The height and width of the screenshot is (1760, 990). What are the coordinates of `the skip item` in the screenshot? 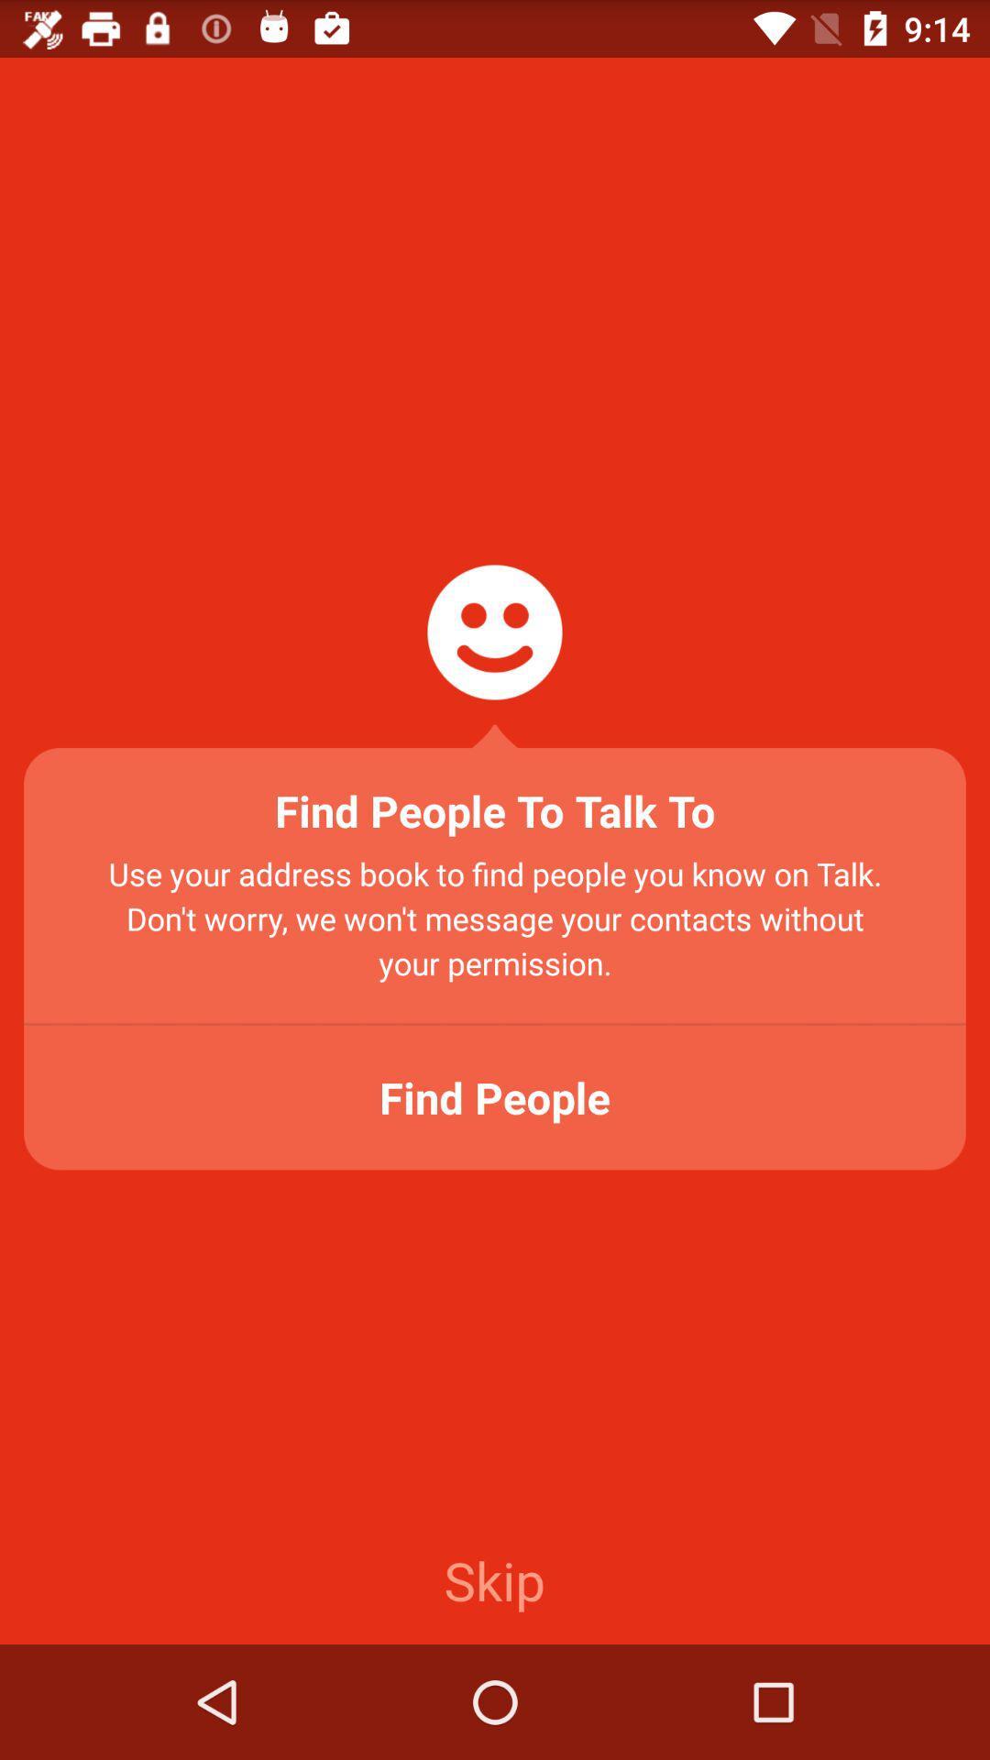 It's located at (493, 1578).